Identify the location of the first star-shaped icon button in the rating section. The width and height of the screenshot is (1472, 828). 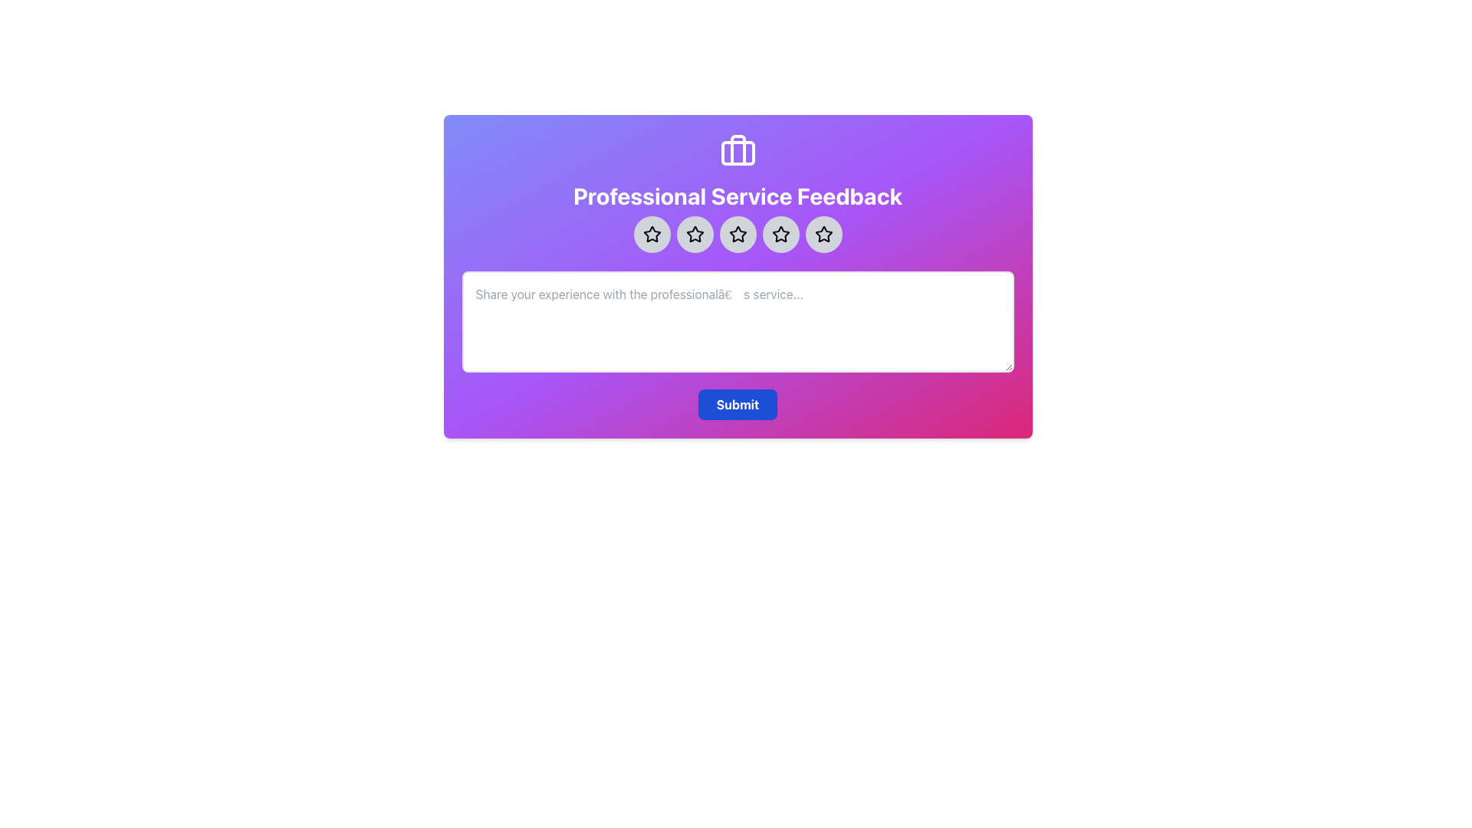
(652, 234).